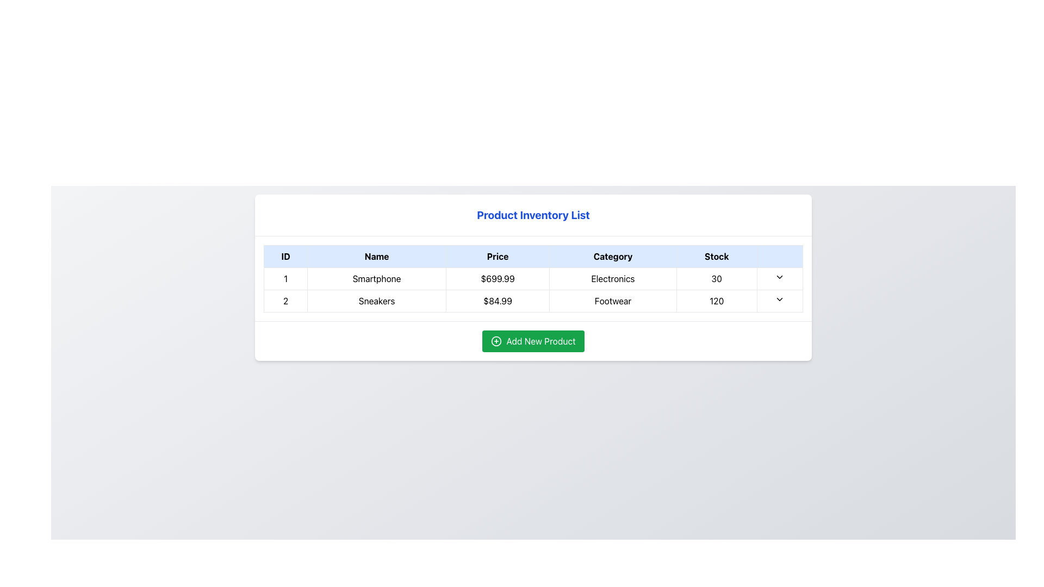 The height and width of the screenshot is (587, 1044). What do you see at coordinates (533, 278) in the screenshot?
I see `the first row of the product details table, which displays ID '1', Name 'Smartphone', Price '$699.99', Category 'Electronics', and Stock '30' for further action` at bounding box center [533, 278].